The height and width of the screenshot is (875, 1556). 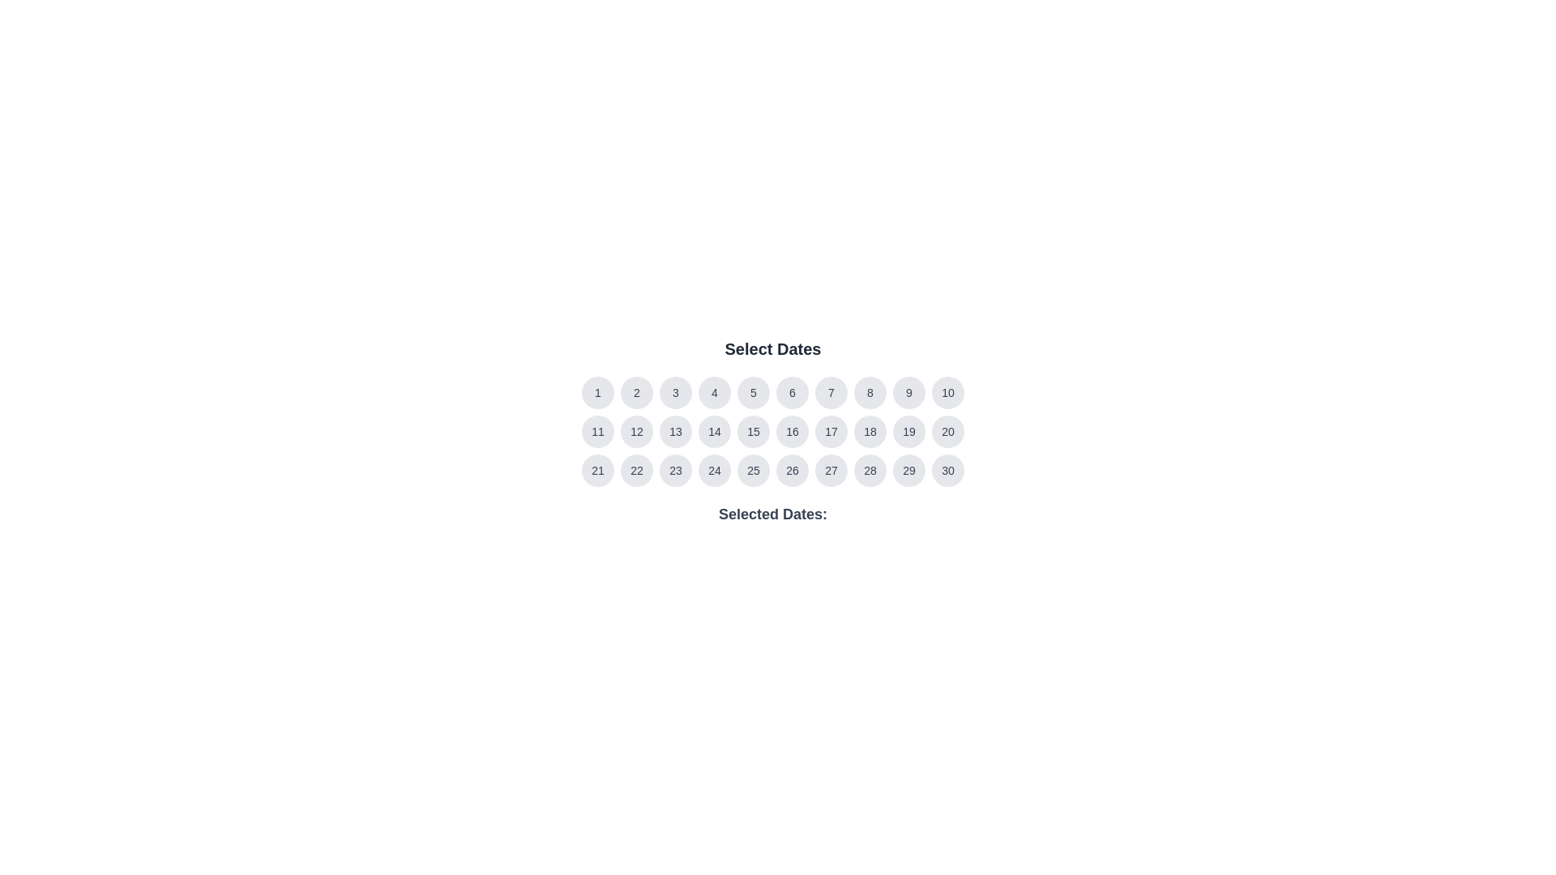 I want to click on the selectable date button located in the top row as the eighth item from the left, so click(x=870, y=393).